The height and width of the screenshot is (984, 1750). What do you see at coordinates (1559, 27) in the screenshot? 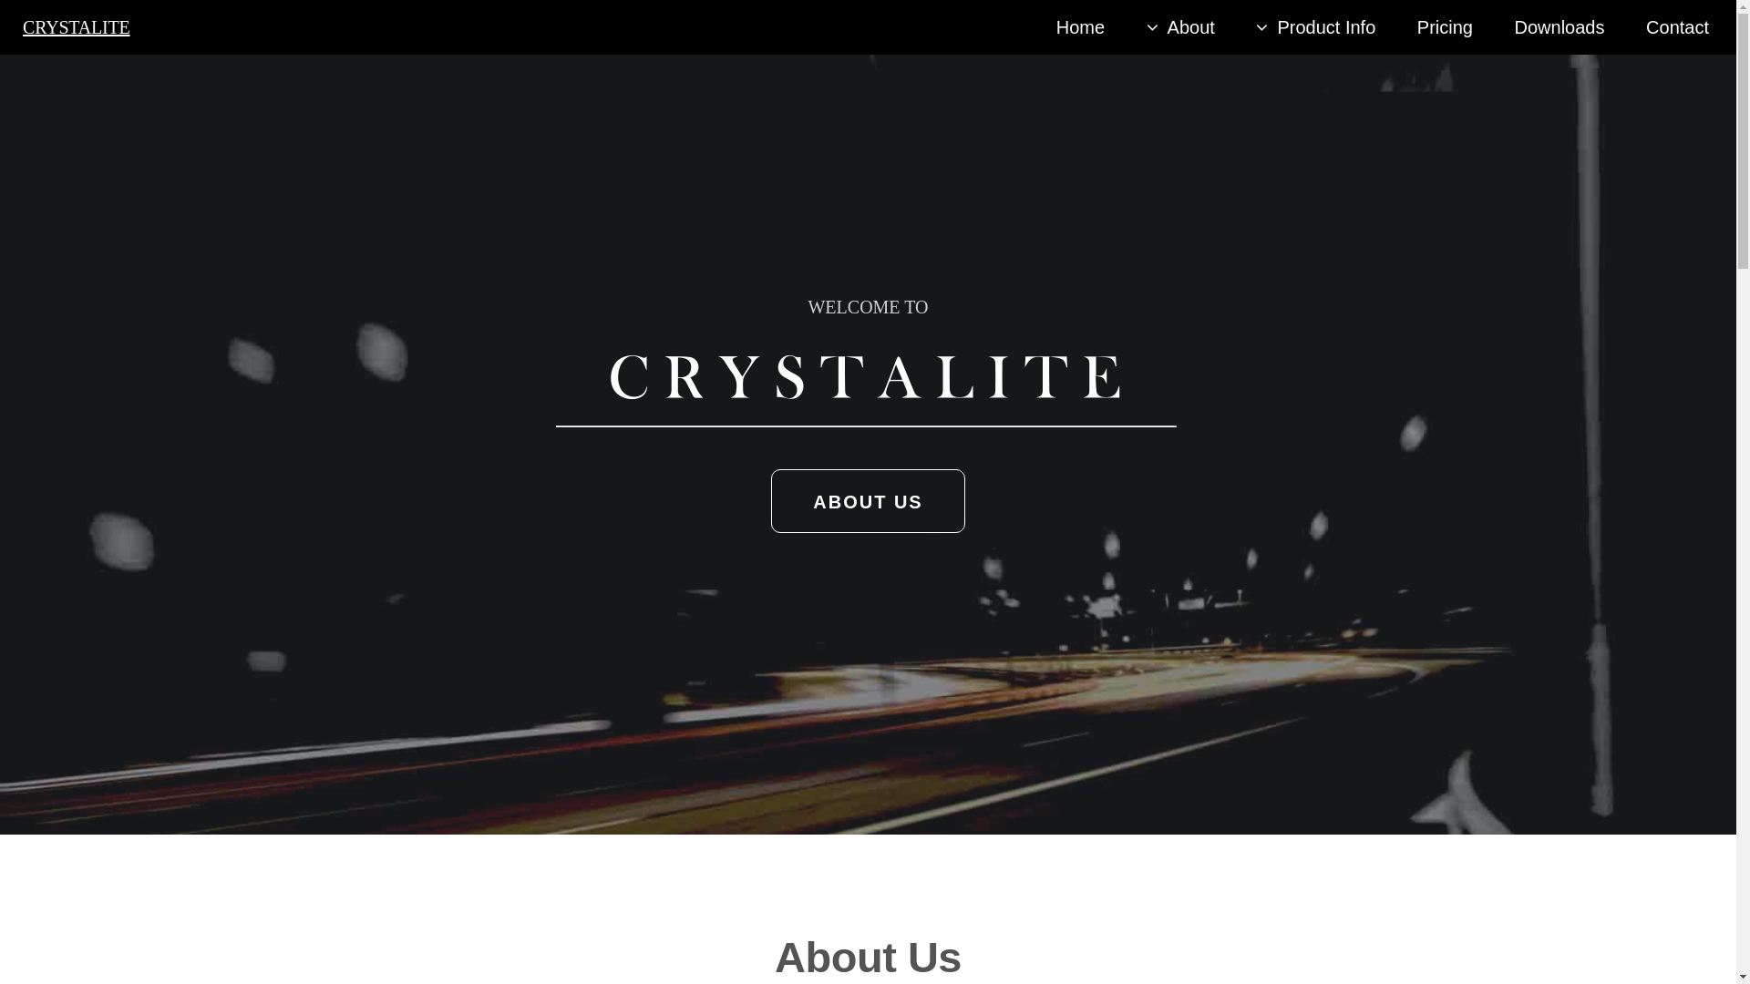
I see `'Downloads'` at bounding box center [1559, 27].